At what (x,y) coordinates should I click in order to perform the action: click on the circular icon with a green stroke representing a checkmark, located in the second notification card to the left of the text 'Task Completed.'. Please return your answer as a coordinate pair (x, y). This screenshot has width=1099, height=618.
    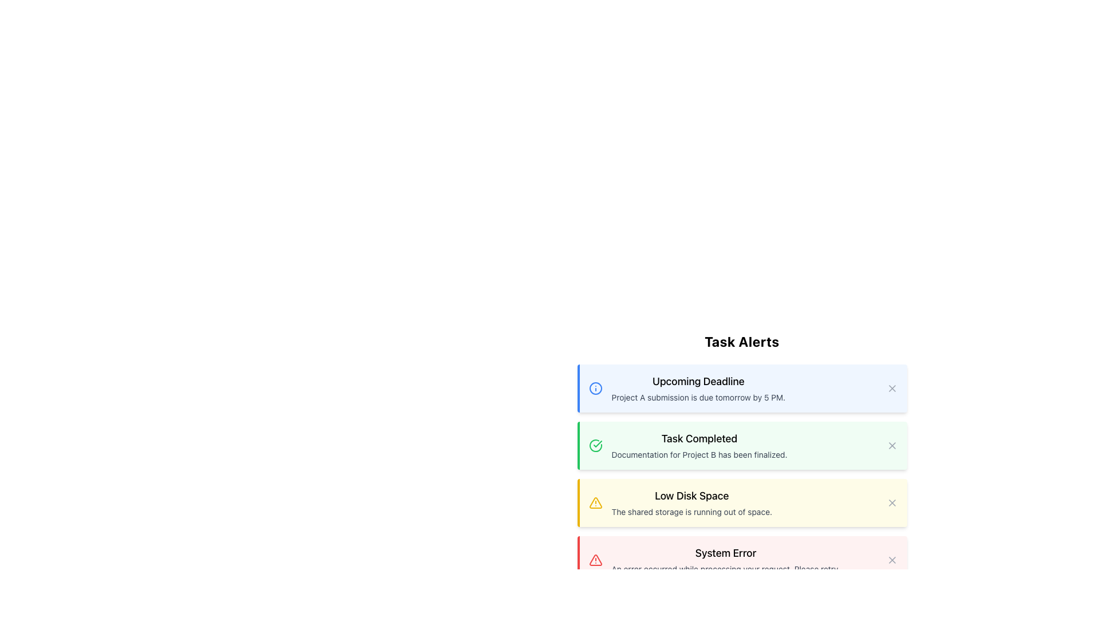
    Looking at the image, I should click on (595, 445).